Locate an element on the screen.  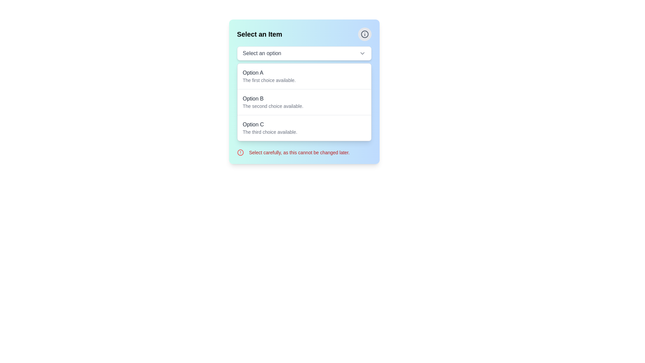
the text element that reads 'The first choice available.' located beneath the bold text 'Option A' in the dropdown menu is located at coordinates (269, 80).